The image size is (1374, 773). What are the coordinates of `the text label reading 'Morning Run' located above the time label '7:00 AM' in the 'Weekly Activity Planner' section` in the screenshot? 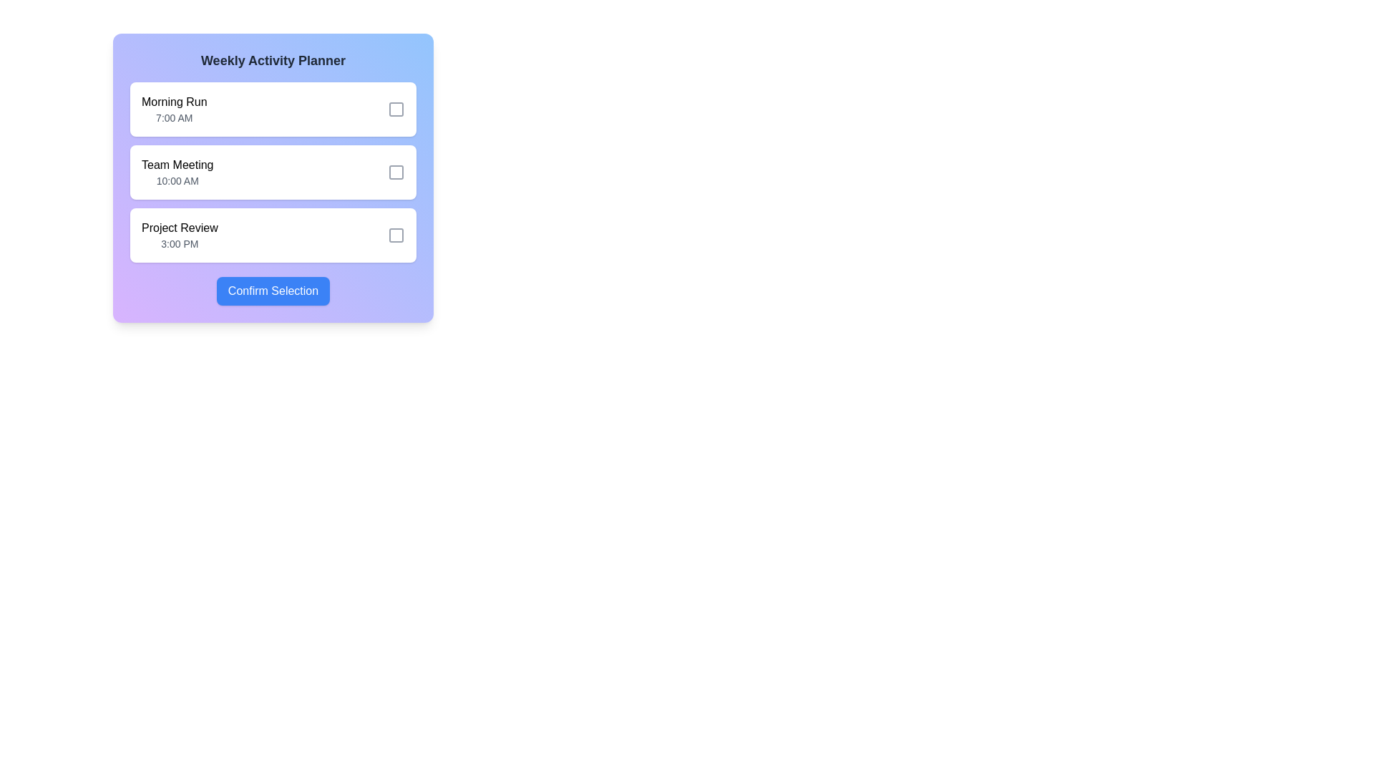 It's located at (173, 101).